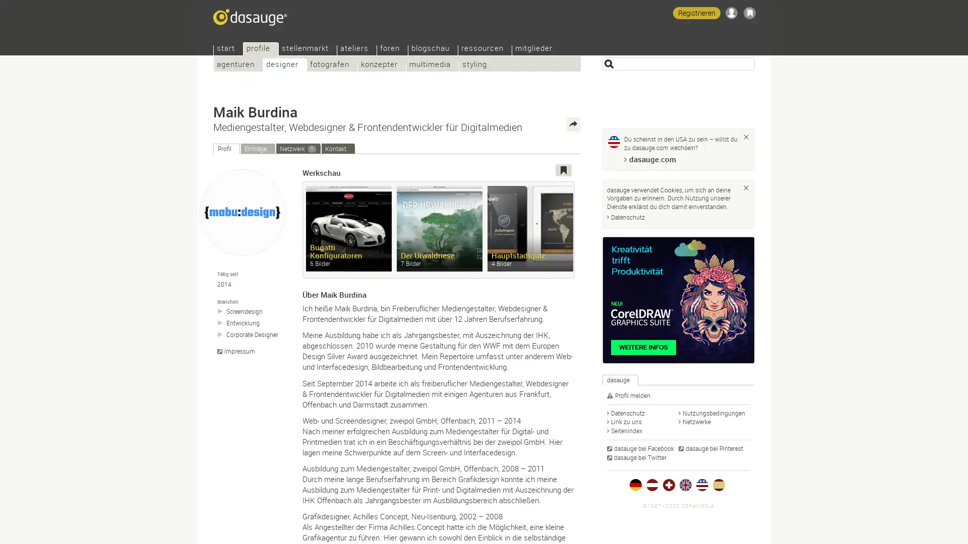 The image size is (968, 544). What do you see at coordinates (746, 137) in the screenshot?
I see `Ich wei` at bounding box center [746, 137].